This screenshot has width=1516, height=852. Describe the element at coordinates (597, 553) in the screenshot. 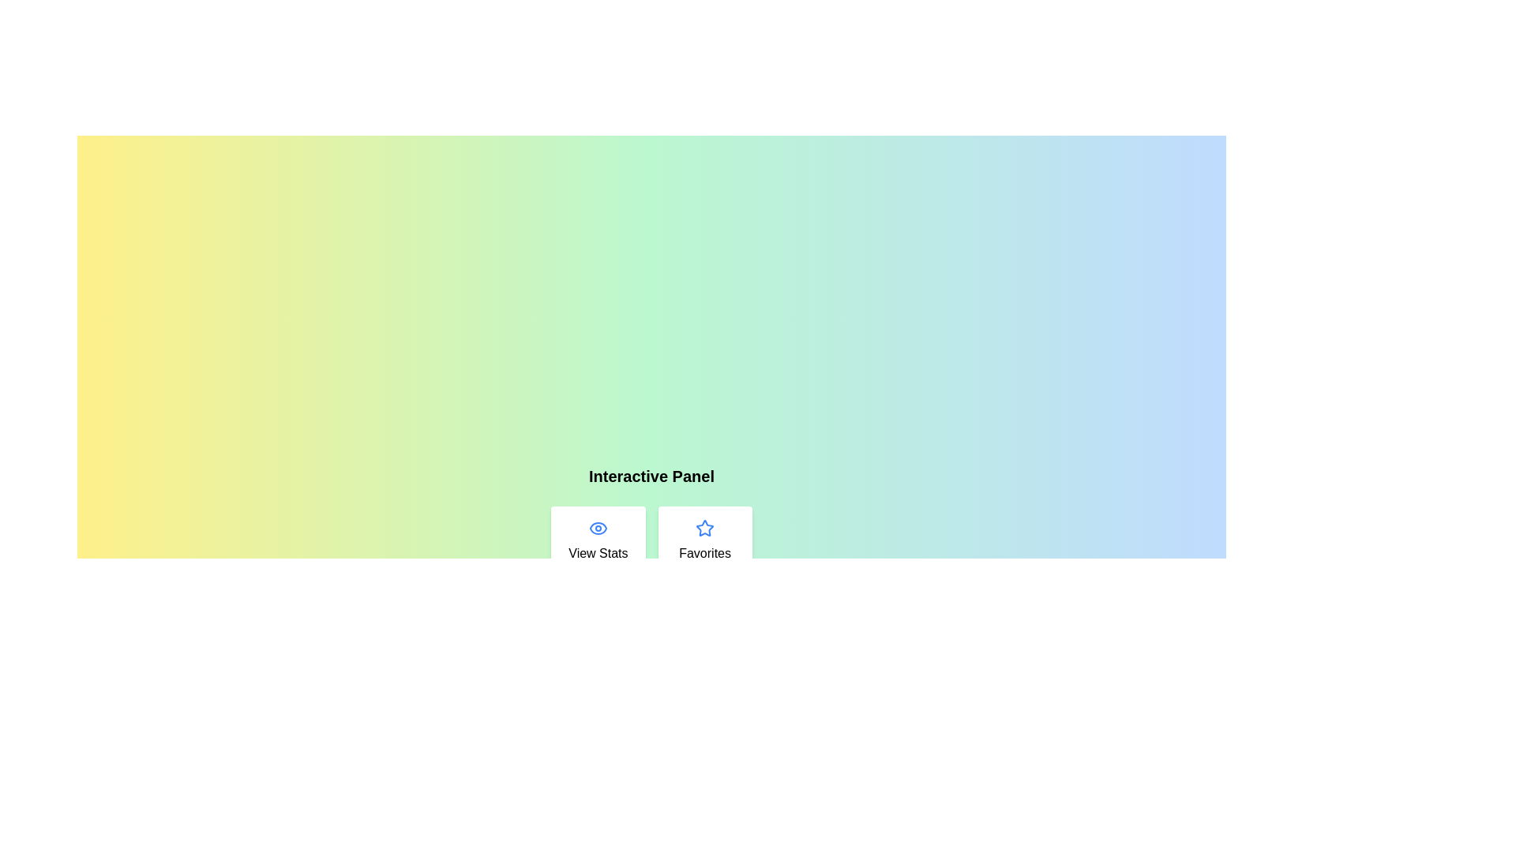

I see `the static text label 'View Stats' located at the bottom of the box, directly below the eye icon` at that location.